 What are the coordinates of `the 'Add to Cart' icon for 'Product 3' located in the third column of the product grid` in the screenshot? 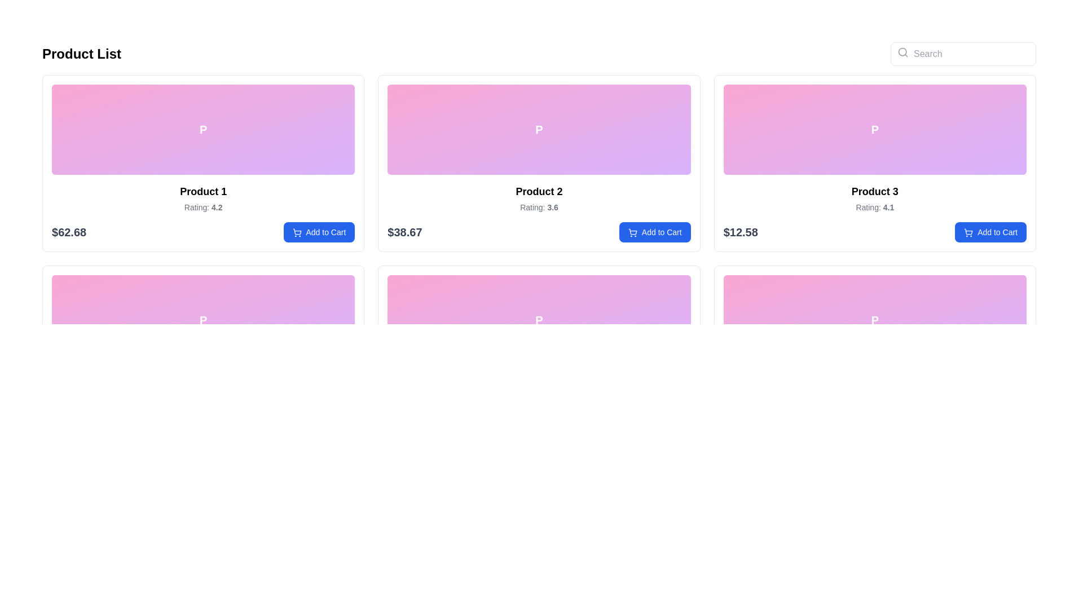 It's located at (968, 231).